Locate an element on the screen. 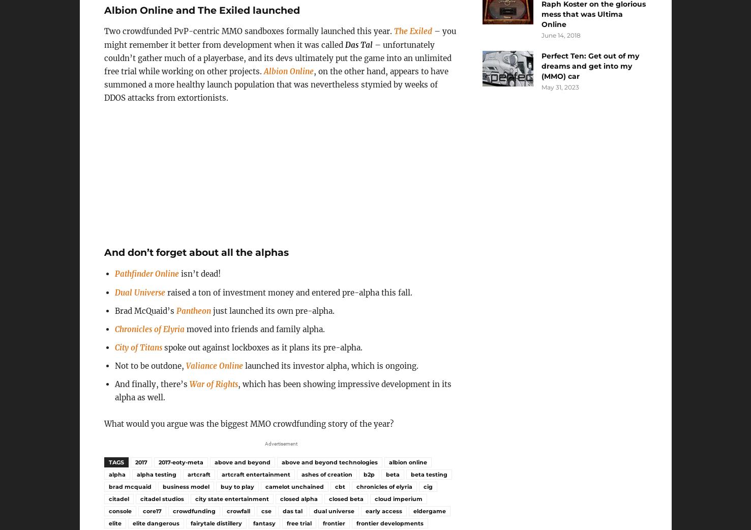 This screenshot has height=530, width=751. 'artcraft entertainment' is located at coordinates (255, 474).